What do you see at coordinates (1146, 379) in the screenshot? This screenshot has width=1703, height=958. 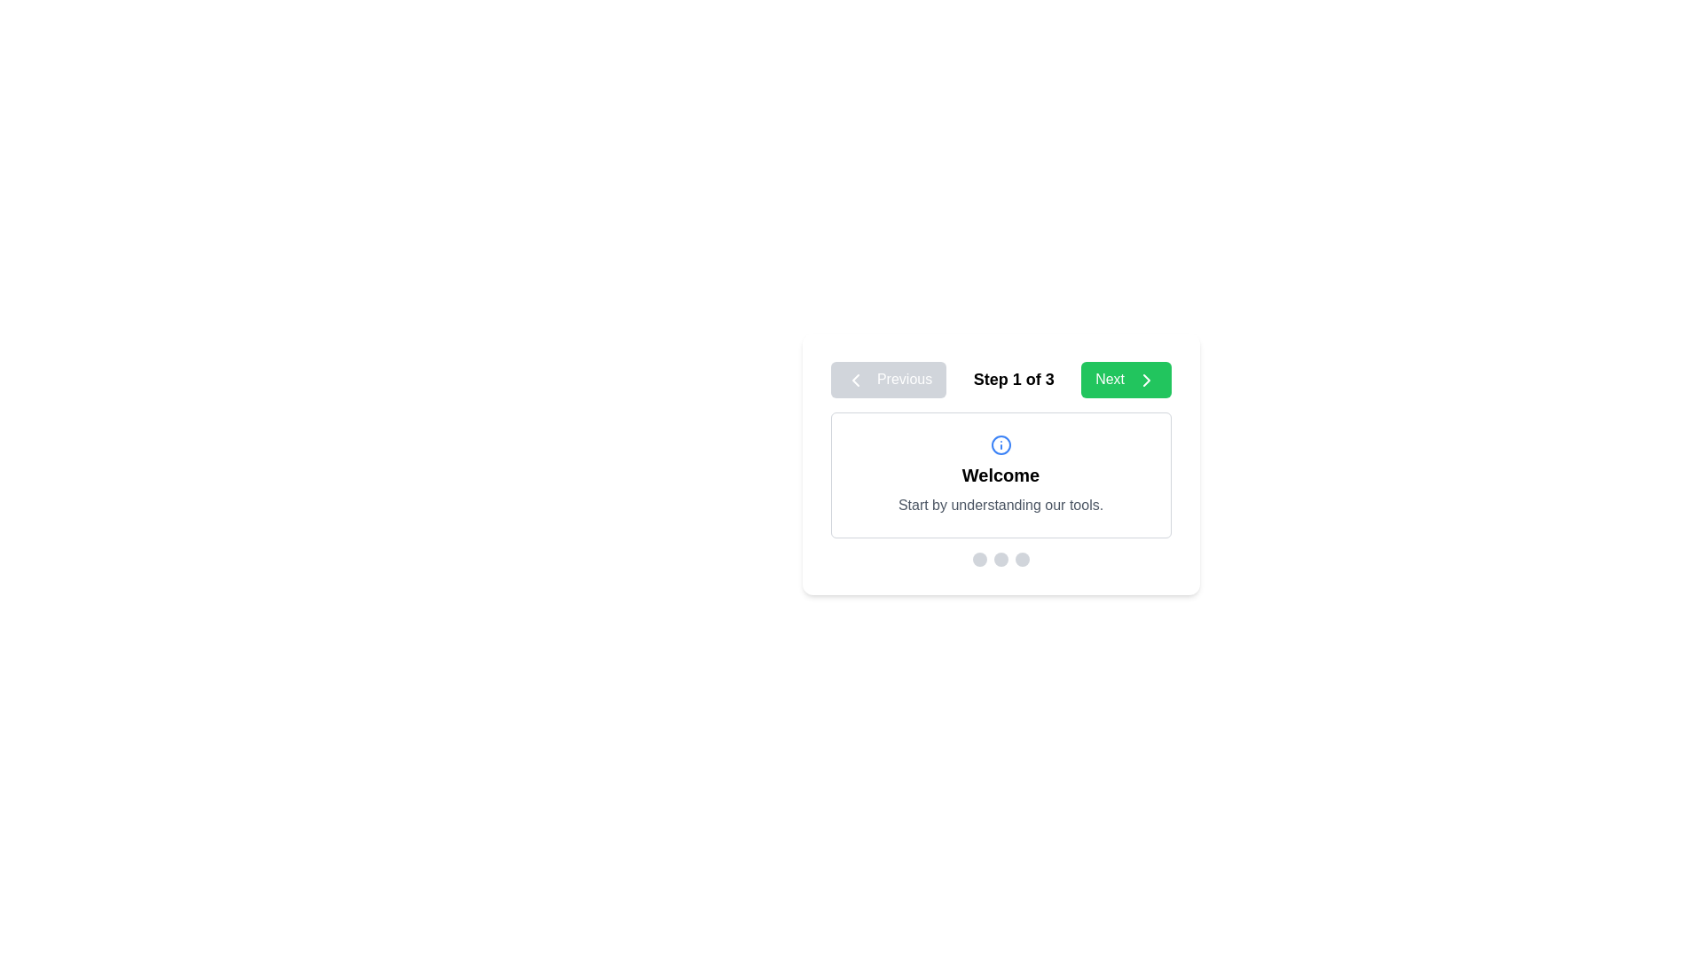 I see `the chevron icon within the 'Next' button` at bounding box center [1146, 379].